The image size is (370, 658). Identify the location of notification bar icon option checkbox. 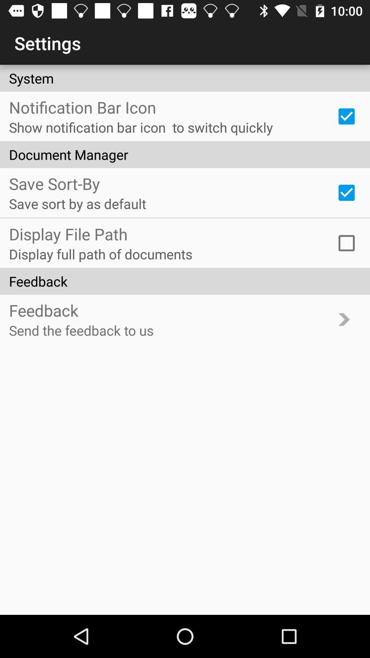
(346, 116).